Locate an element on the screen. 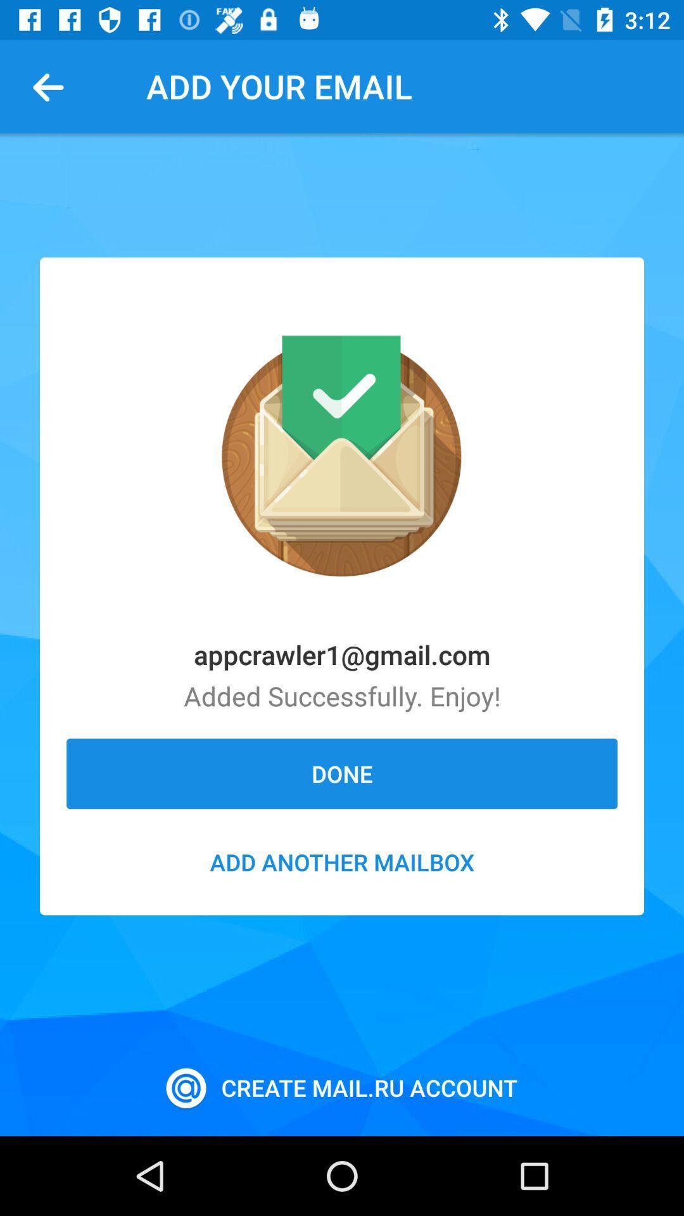 The height and width of the screenshot is (1216, 684). the icon above the add another mailbox item is located at coordinates (342, 773).